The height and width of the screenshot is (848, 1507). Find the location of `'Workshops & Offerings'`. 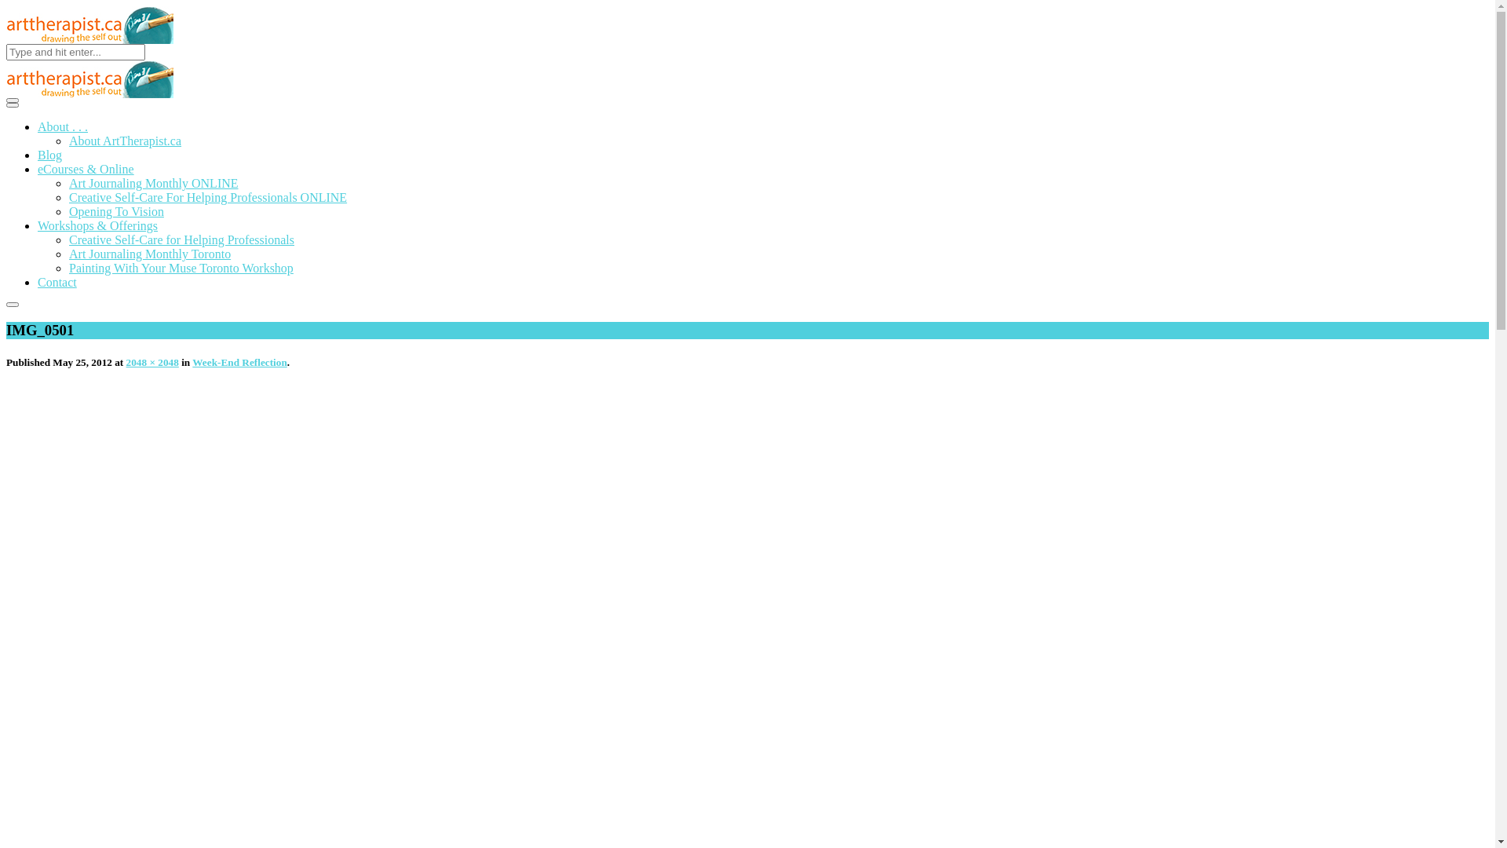

'Workshops & Offerings' is located at coordinates (97, 225).